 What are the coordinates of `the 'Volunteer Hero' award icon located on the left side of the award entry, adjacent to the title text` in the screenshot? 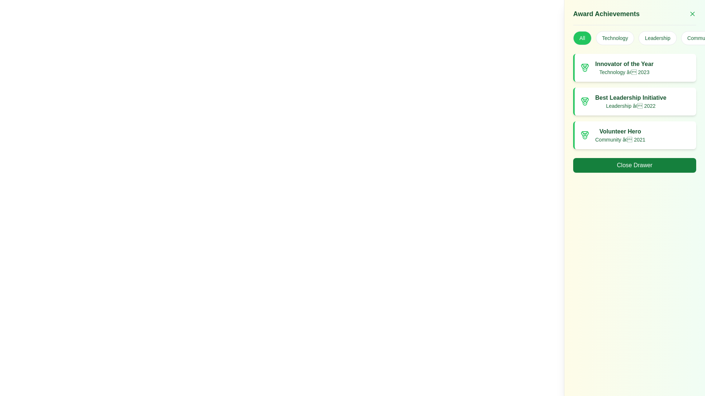 It's located at (585, 135).